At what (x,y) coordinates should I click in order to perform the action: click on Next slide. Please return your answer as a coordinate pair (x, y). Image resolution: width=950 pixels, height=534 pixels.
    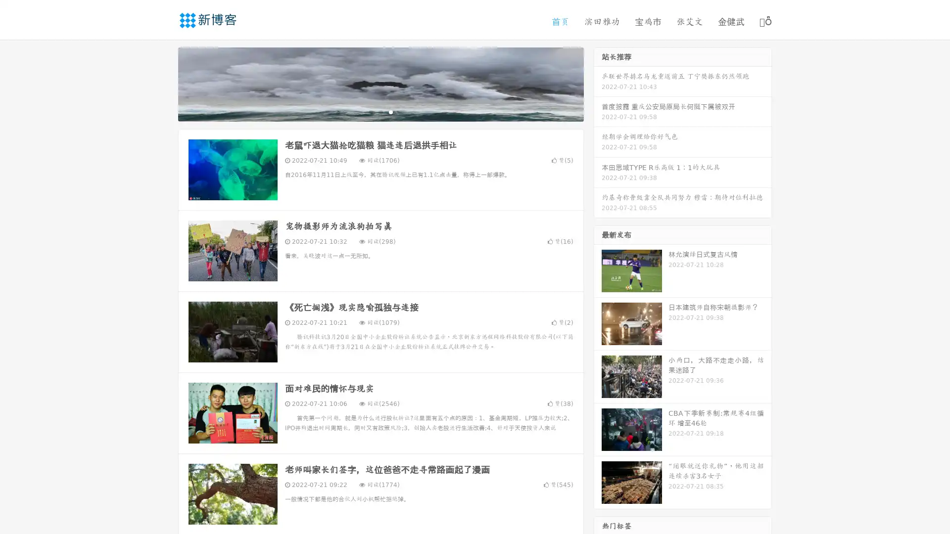
    Looking at the image, I should click on (598, 83).